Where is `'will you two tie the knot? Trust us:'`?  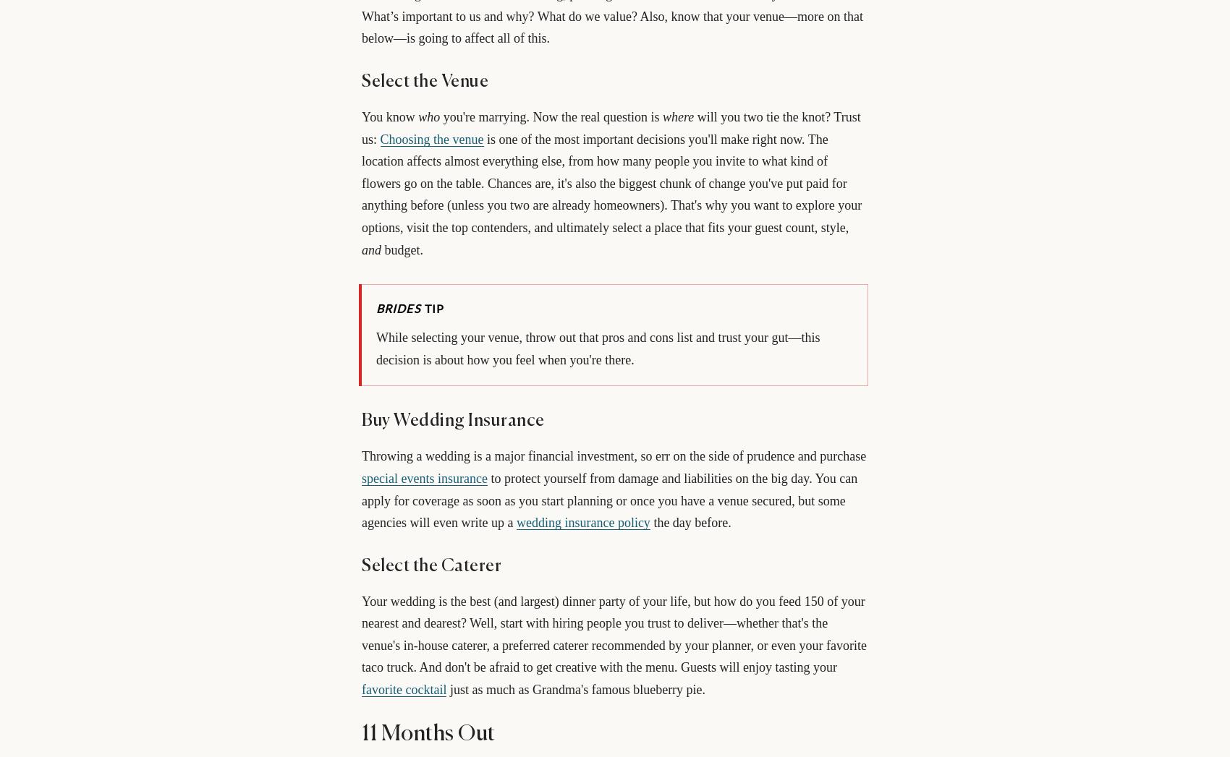 'will you two tie the knot? Trust us:' is located at coordinates (361, 127).